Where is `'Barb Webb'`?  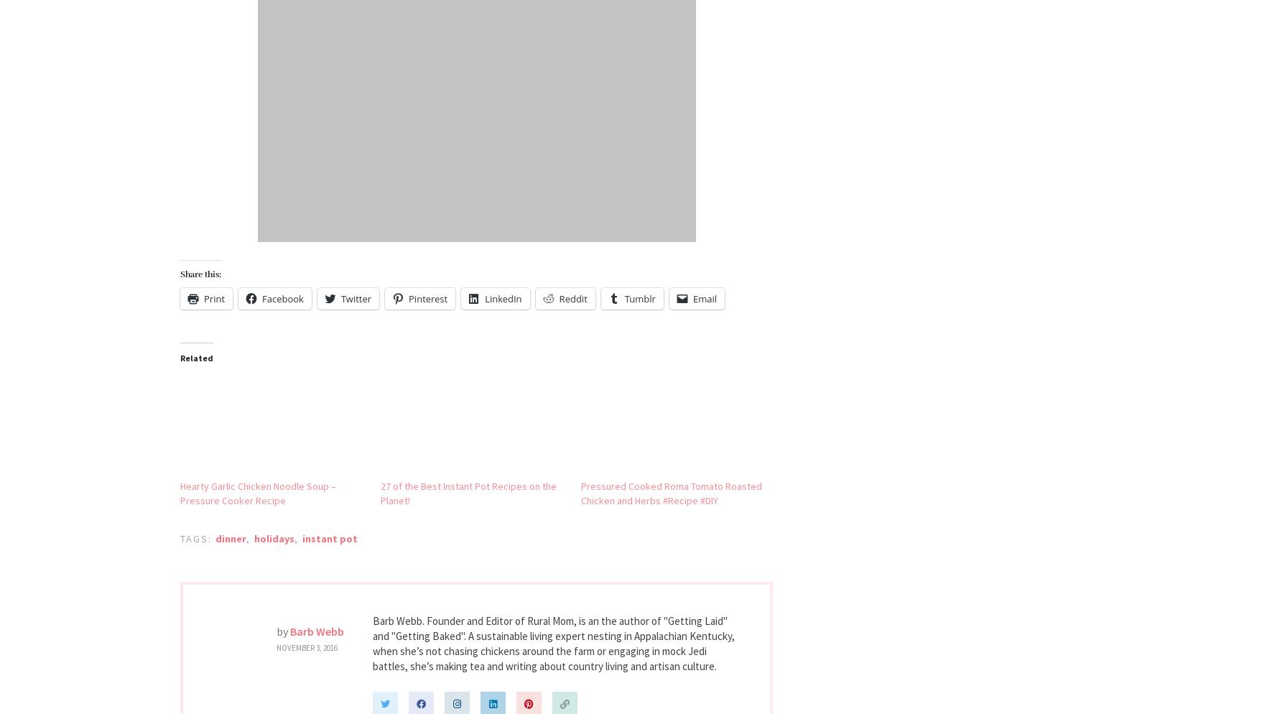
'Barb Webb' is located at coordinates (289, 631).